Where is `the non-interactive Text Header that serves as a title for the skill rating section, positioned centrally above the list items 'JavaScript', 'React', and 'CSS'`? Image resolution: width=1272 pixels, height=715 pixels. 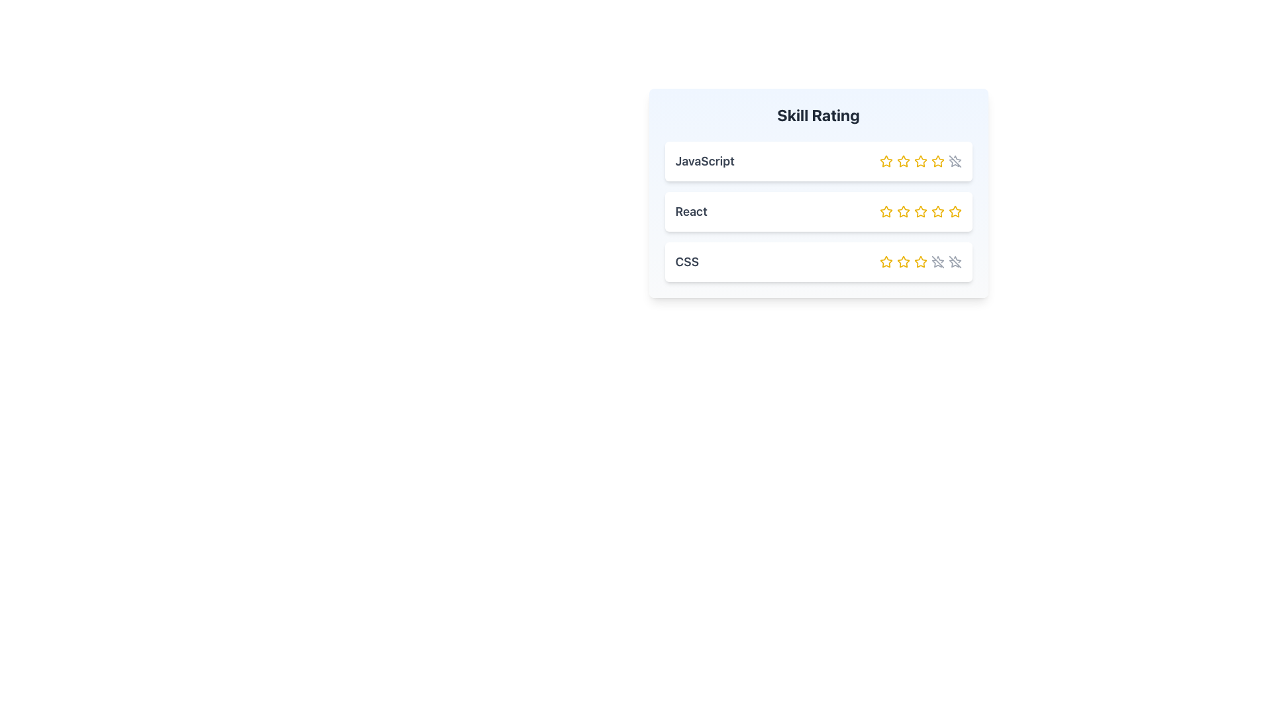
the non-interactive Text Header that serves as a title for the skill rating section, positioned centrally above the list items 'JavaScript', 'React', and 'CSS' is located at coordinates (818, 114).